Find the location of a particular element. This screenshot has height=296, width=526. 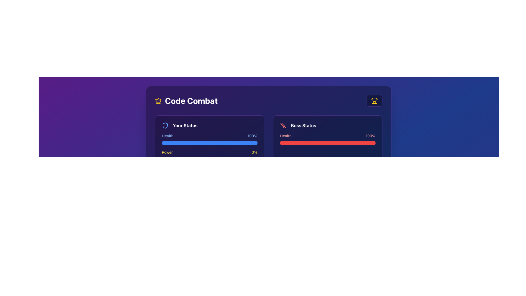

text elements of the Progress Indicator that displays 'Health' and 'Power' statuses, located within the 'Your Status' section is located at coordinates (209, 147).